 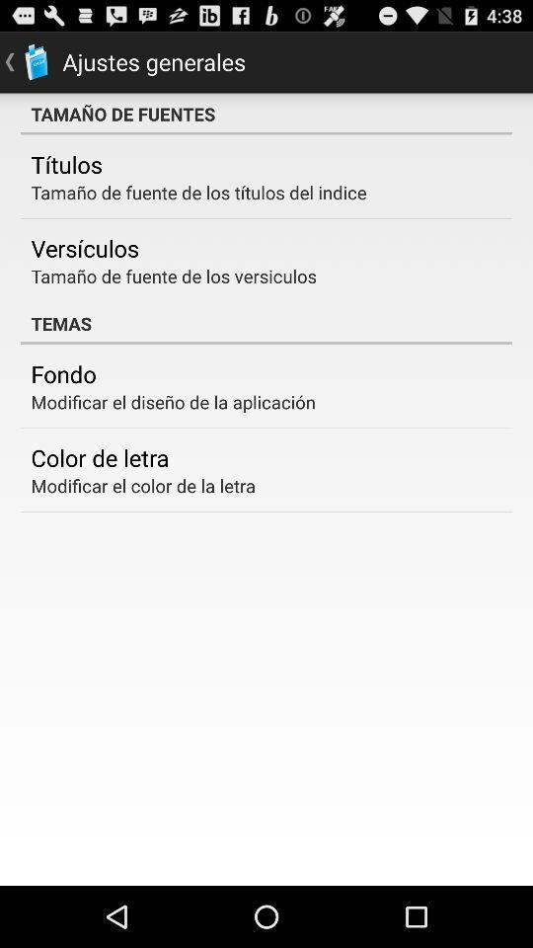 What do you see at coordinates (266, 323) in the screenshot?
I see `the temas icon` at bounding box center [266, 323].